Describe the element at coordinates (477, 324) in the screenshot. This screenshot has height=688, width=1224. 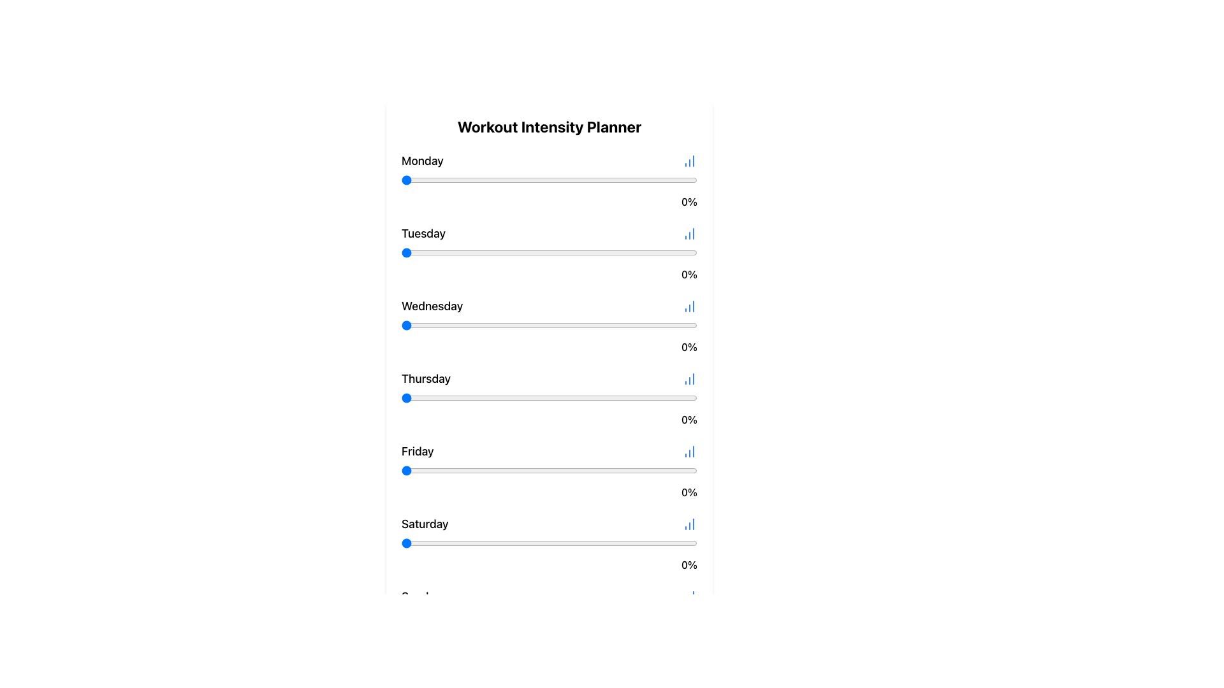
I see `the Wednesday workout intensity` at that location.